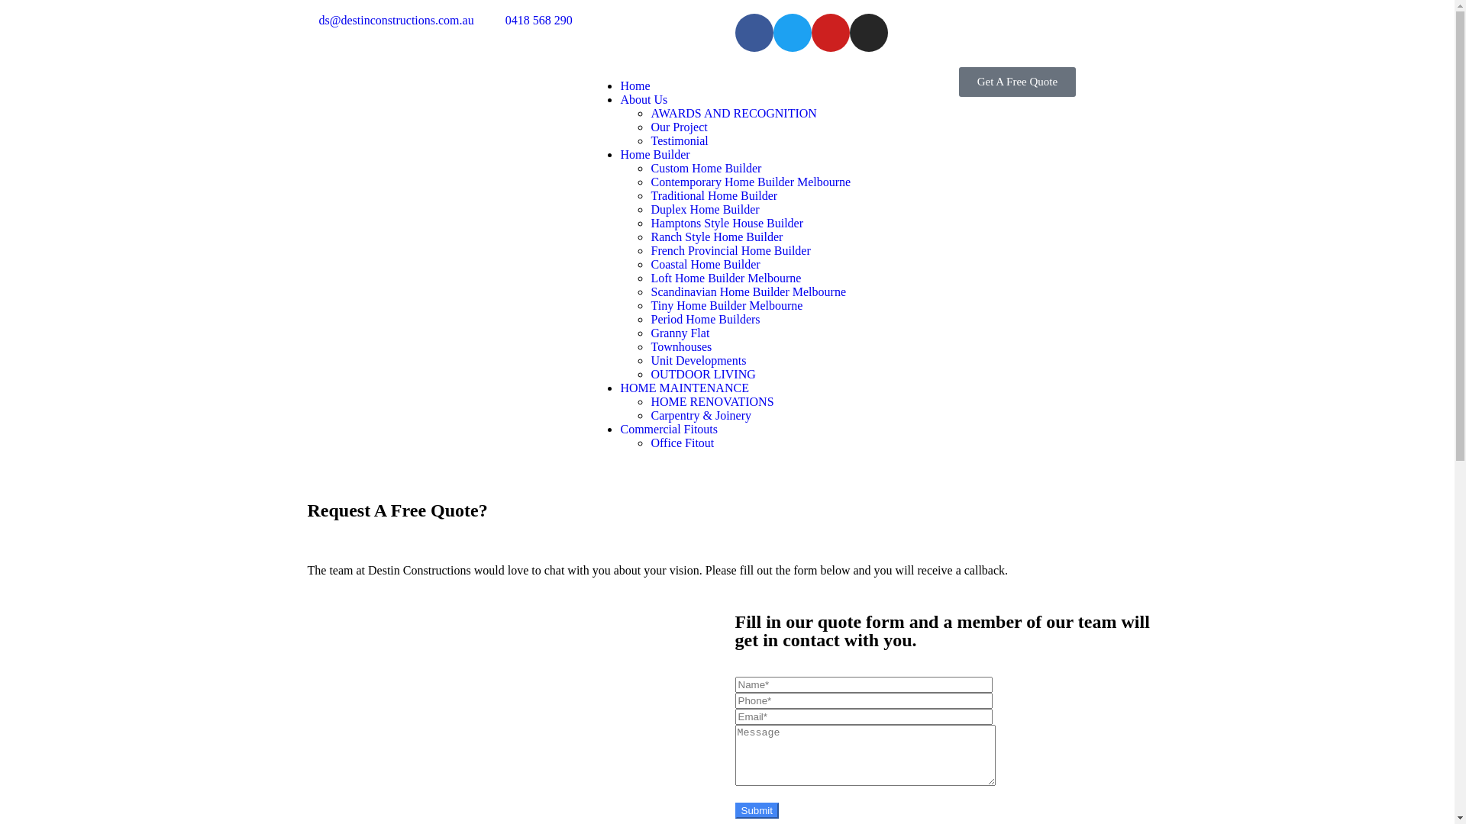 The image size is (1466, 824). What do you see at coordinates (703, 209) in the screenshot?
I see `'Duplex Home Builder'` at bounding box center [703, 209].